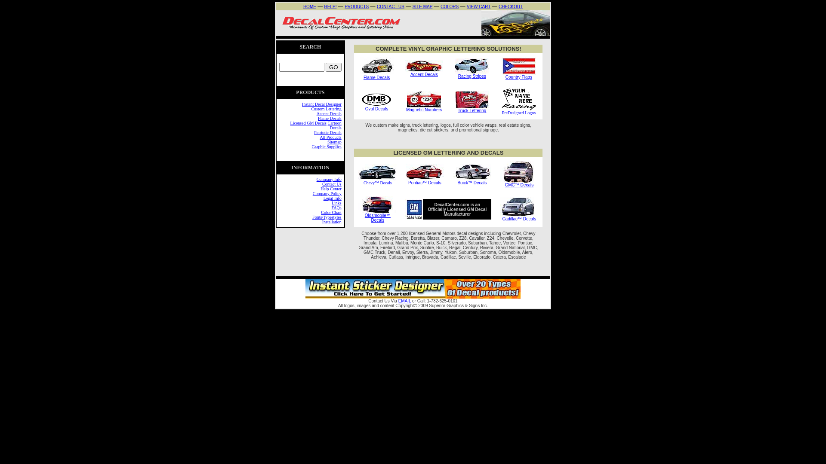 Image resolution: width=826 pixels, height=464 pixels. I want to click on 'Custom Lettering', so click(311, 108).